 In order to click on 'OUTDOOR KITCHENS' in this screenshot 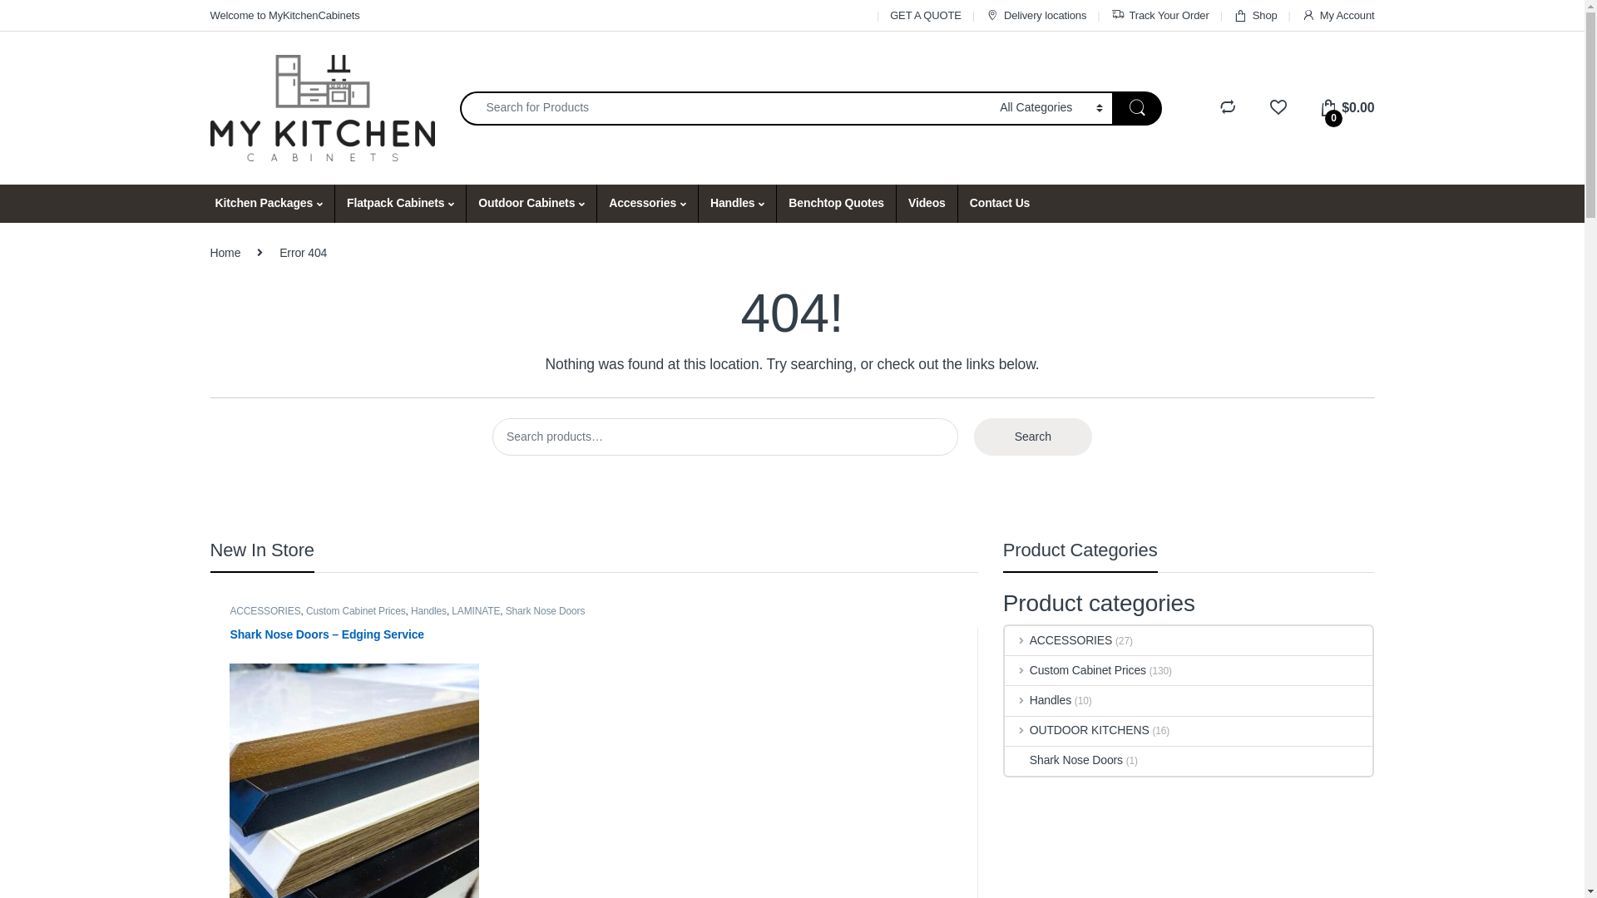, I will do `click(1077, 730)`.